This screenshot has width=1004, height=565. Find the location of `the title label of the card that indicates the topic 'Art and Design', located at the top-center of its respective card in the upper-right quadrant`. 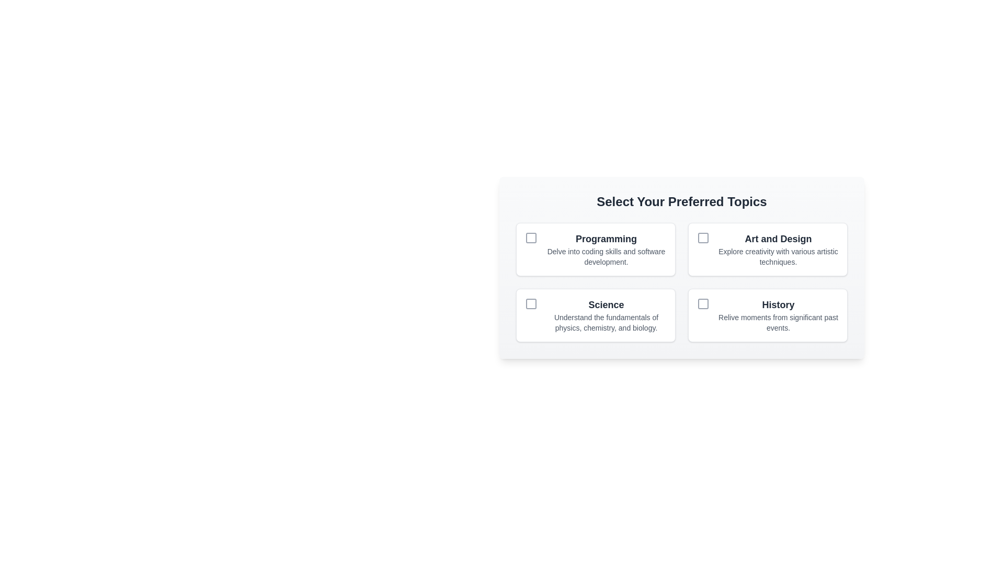

the title label of the card that indicates the topic 'Art and Design', located at the top-center of its respective card in the upper-right quadrant is located at coordinates (778, 239).